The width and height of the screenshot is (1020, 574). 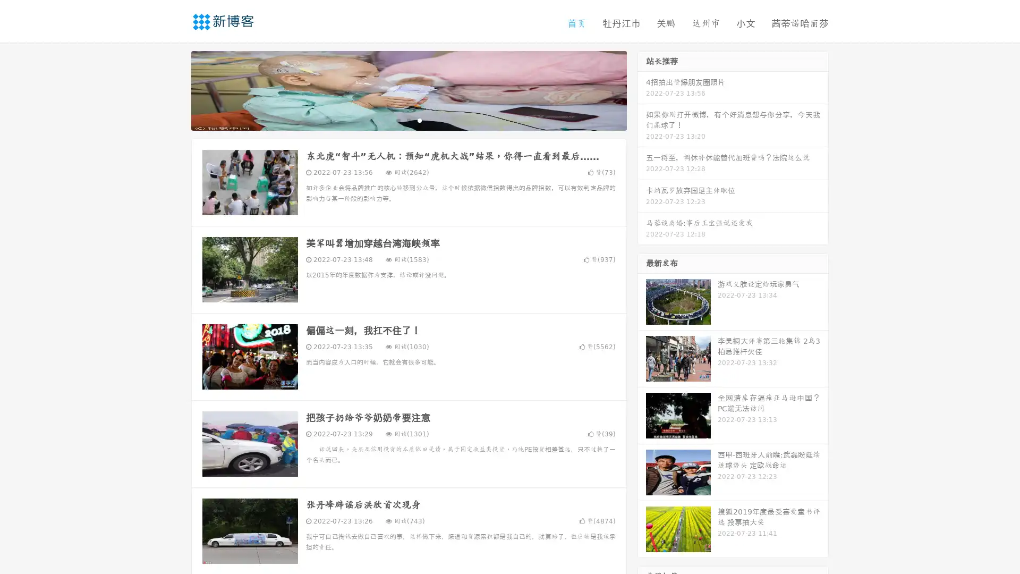 I want to click on Go to slide 2, so click(x=408, y=120).